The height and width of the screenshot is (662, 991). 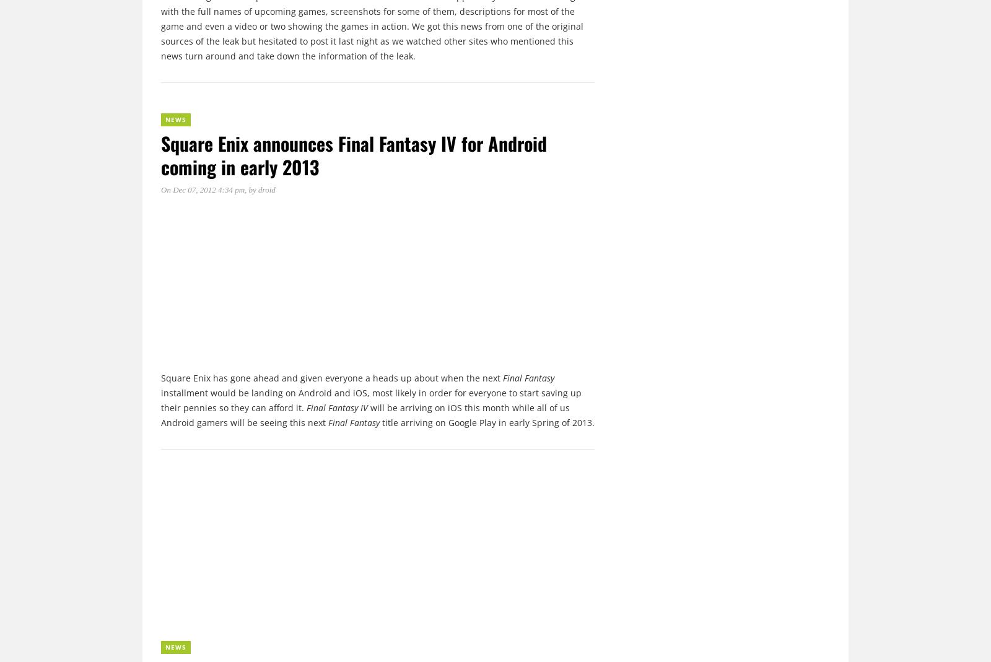 What do you see at coordinates (370, 399) in the screenshot?
I see `'installment would be landing on Android and iOS, most likely in order for everyone to start saving up their pennies so they can afford it.'` at bounding box center [370, 399].